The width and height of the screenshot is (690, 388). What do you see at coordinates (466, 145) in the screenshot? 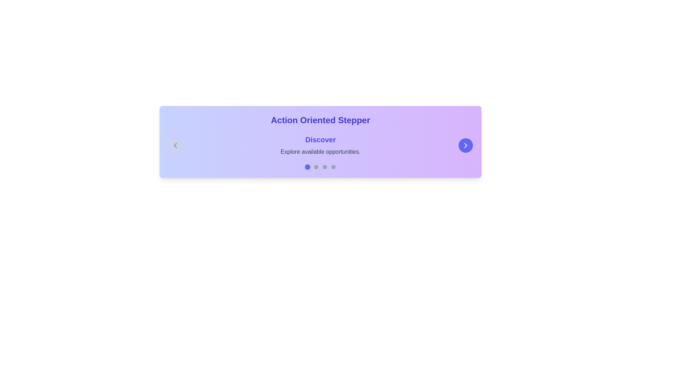
I see `the button with an embedded chevron icon located at the far right end of the stepper interface` at bounding box center [466, 145].